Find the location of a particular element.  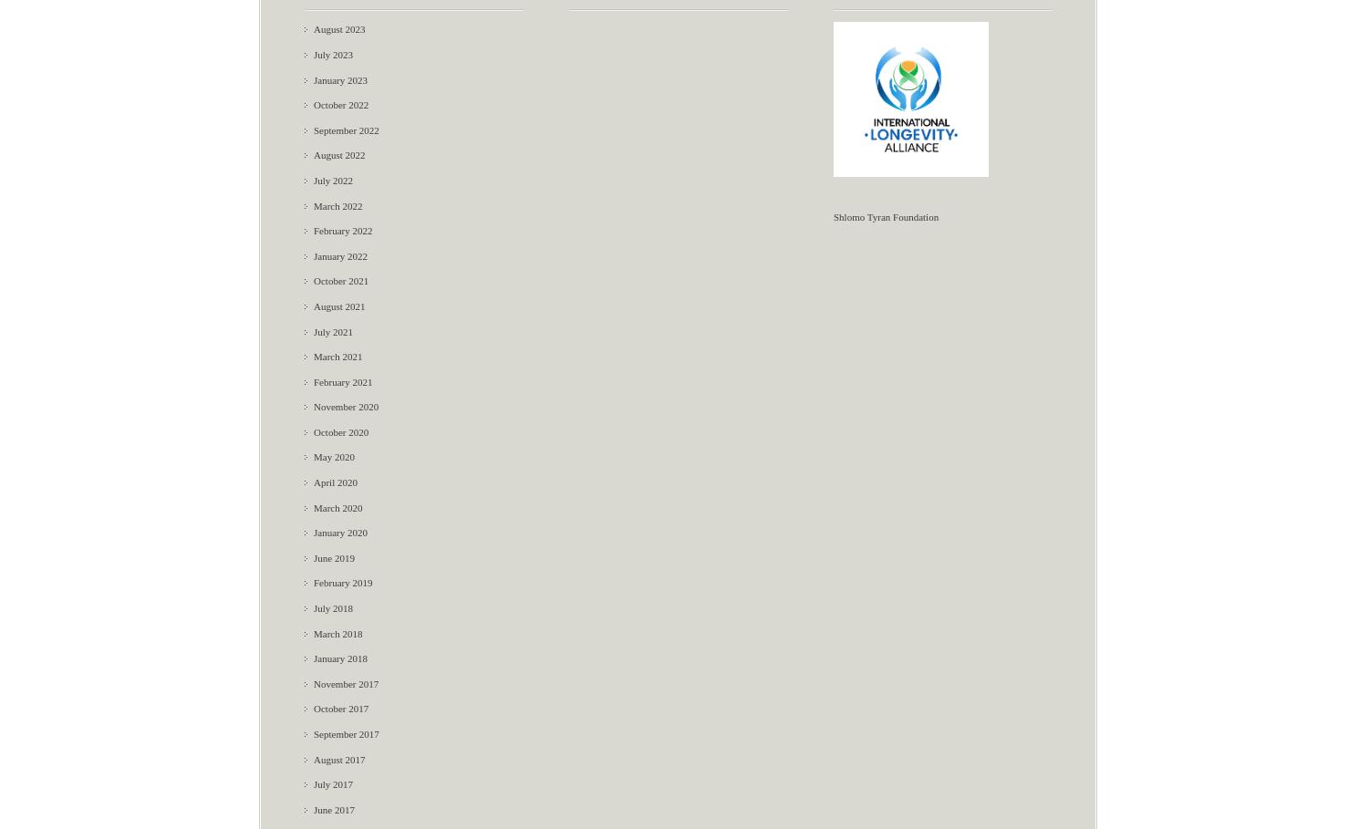

'September 2022' is located at coordinates (346, 128).